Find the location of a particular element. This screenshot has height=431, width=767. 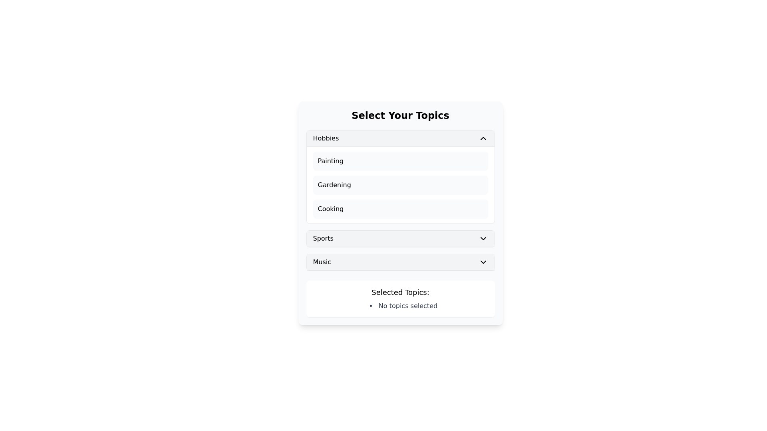

the 'Gardening' option within the 'Hobbies' dropdown menu is located at coordinates (334, 185).